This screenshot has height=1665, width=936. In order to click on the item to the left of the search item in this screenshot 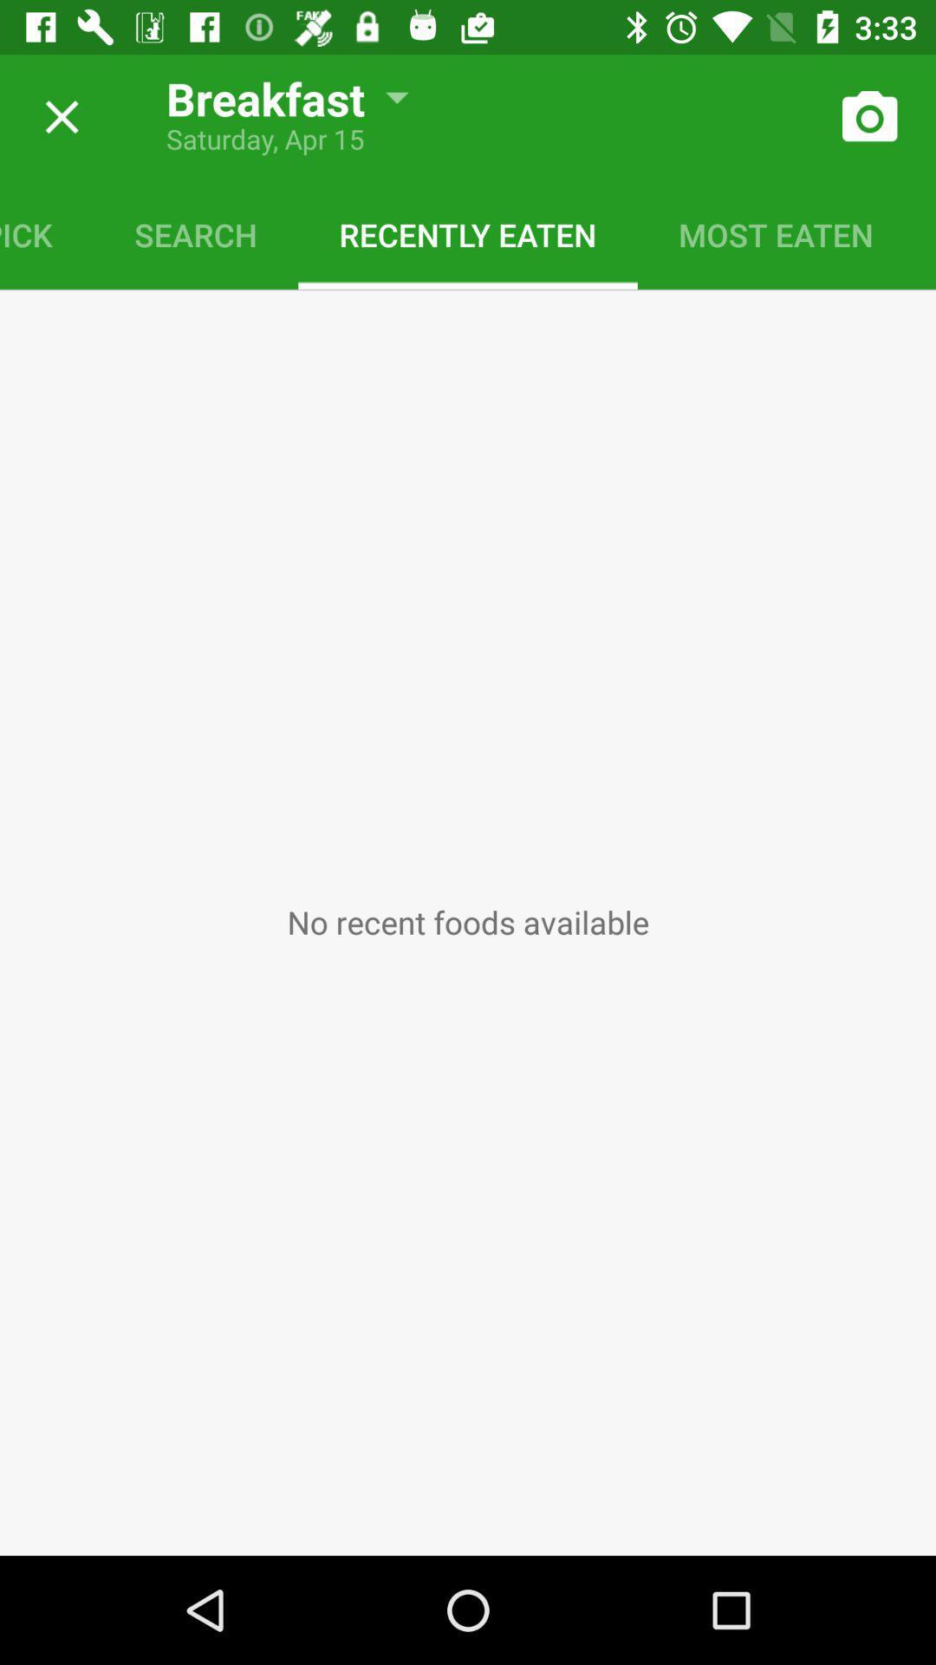, I will do `click(46, 233)`.